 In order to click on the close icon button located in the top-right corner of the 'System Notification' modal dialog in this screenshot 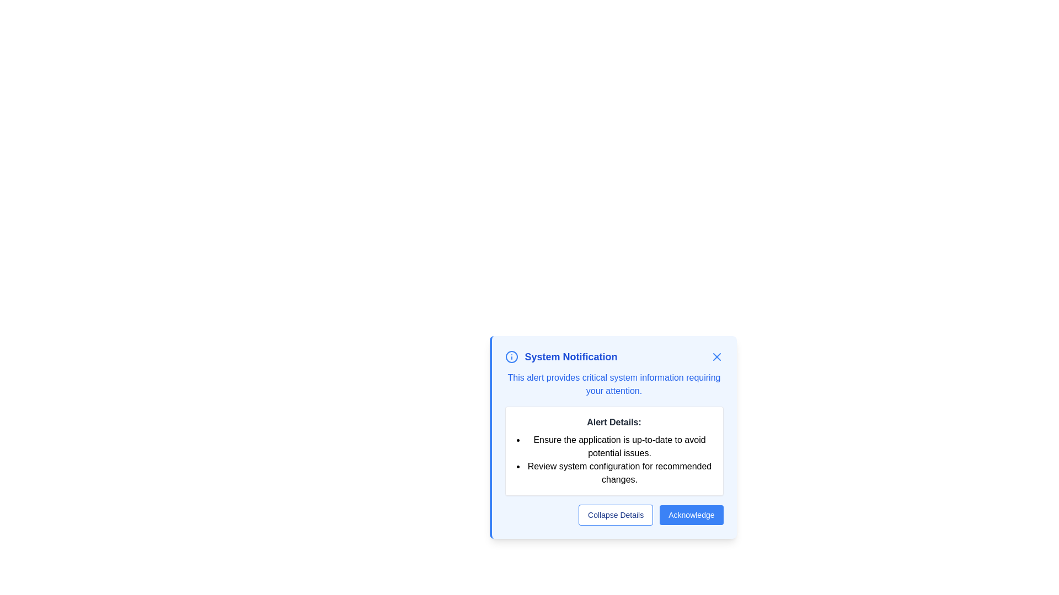, I will do `click(716, 357)`.